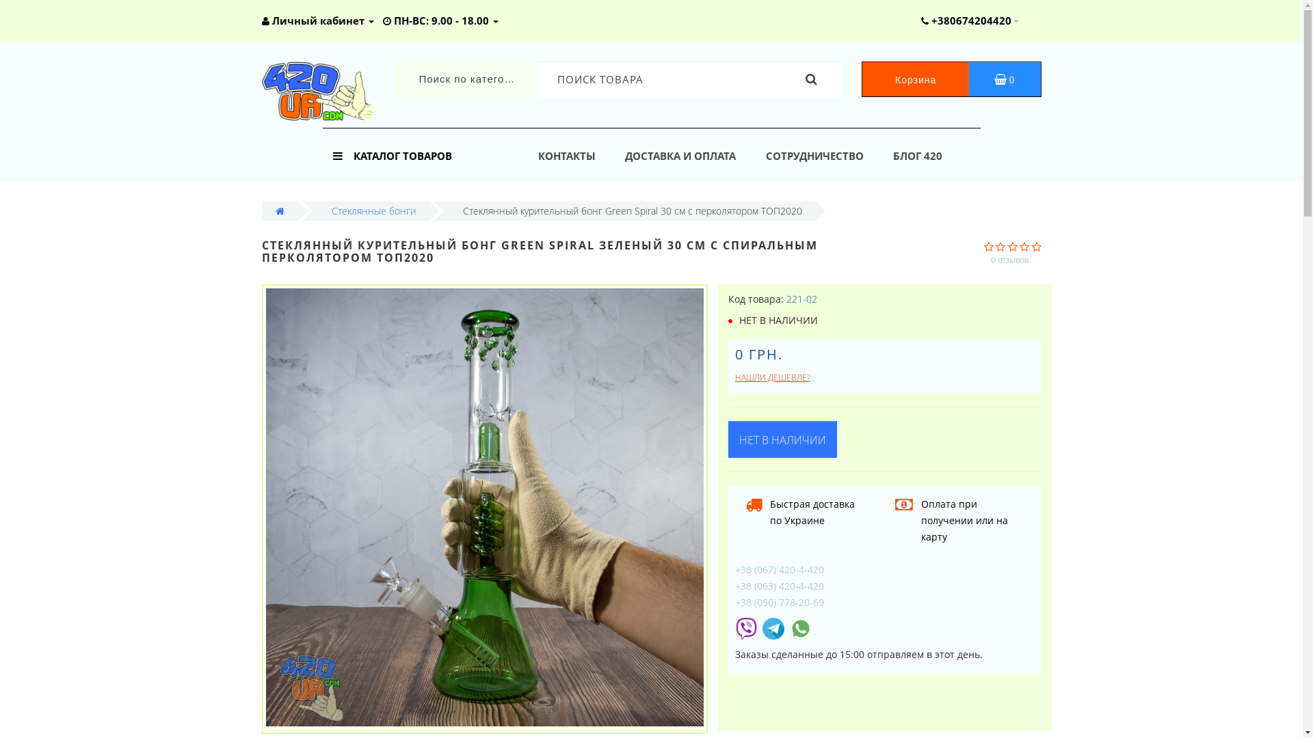 The image size is (1313, 738). Describe the element at coordinates (745, 627) in the screenshot. I see `'Viber'` at that location.